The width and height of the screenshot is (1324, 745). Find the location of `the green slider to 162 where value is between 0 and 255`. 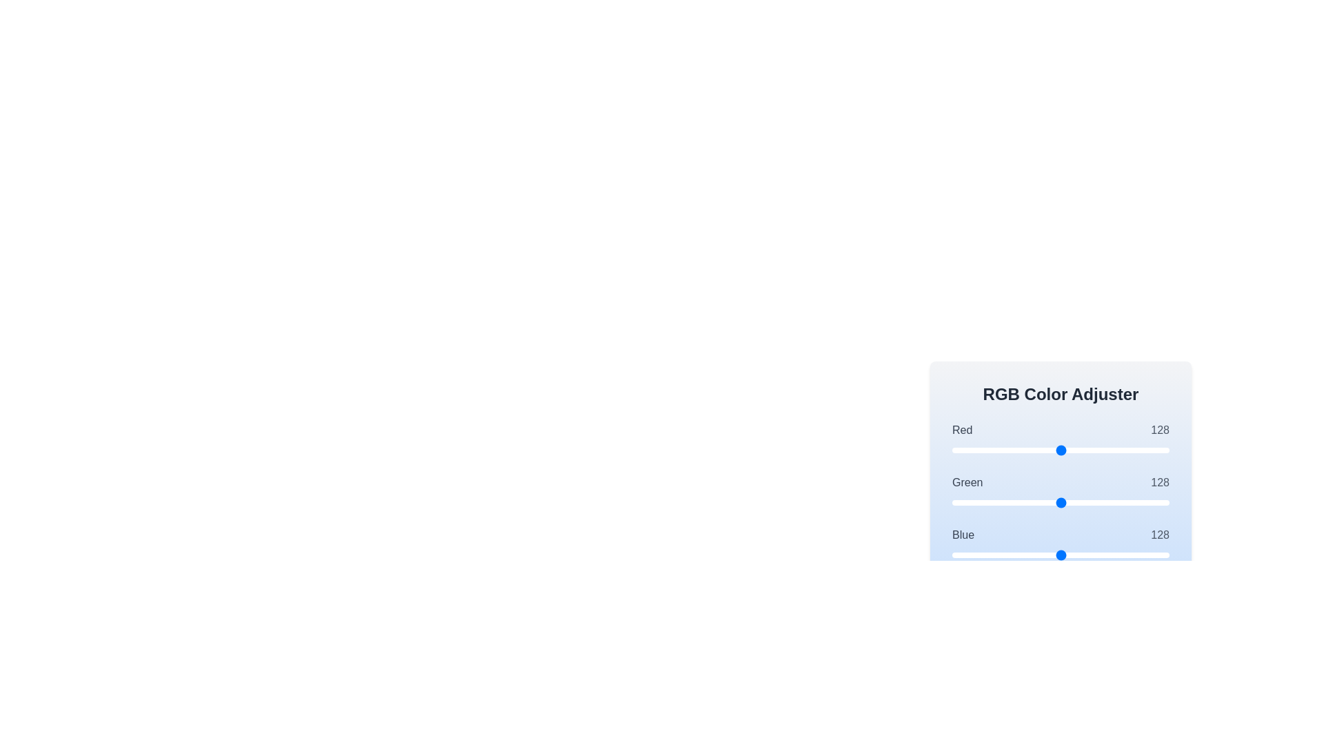

the green slider to 162 where value is between 0 and 255 is located at coordinates (1090, 503).